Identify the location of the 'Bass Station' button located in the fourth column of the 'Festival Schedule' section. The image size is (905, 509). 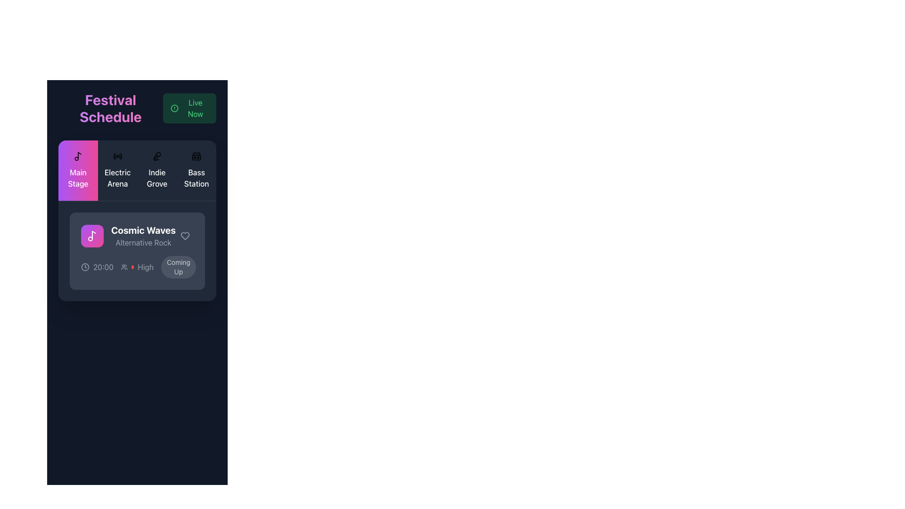
(196, 171).